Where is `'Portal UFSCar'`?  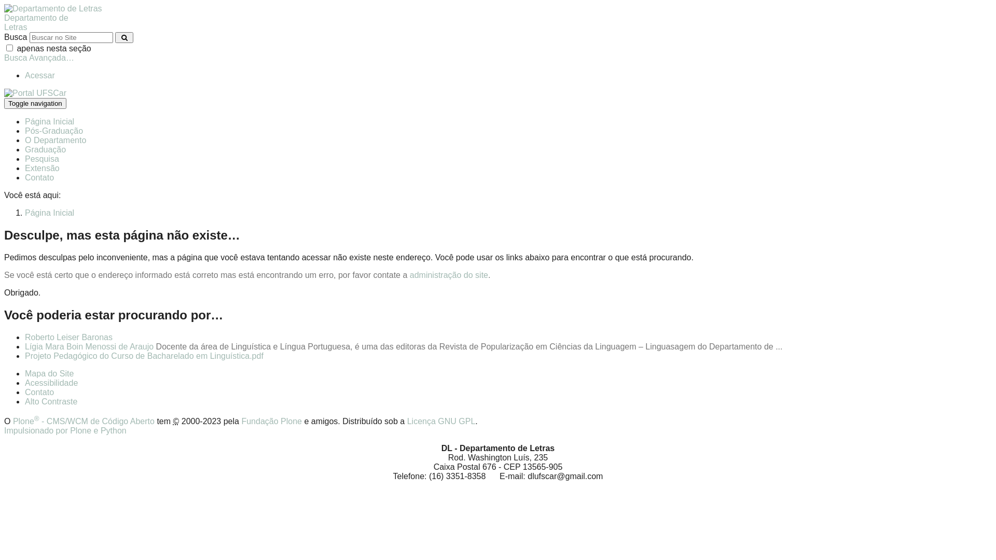 'Portal UFSCar' is located at coordinates (35, 92).